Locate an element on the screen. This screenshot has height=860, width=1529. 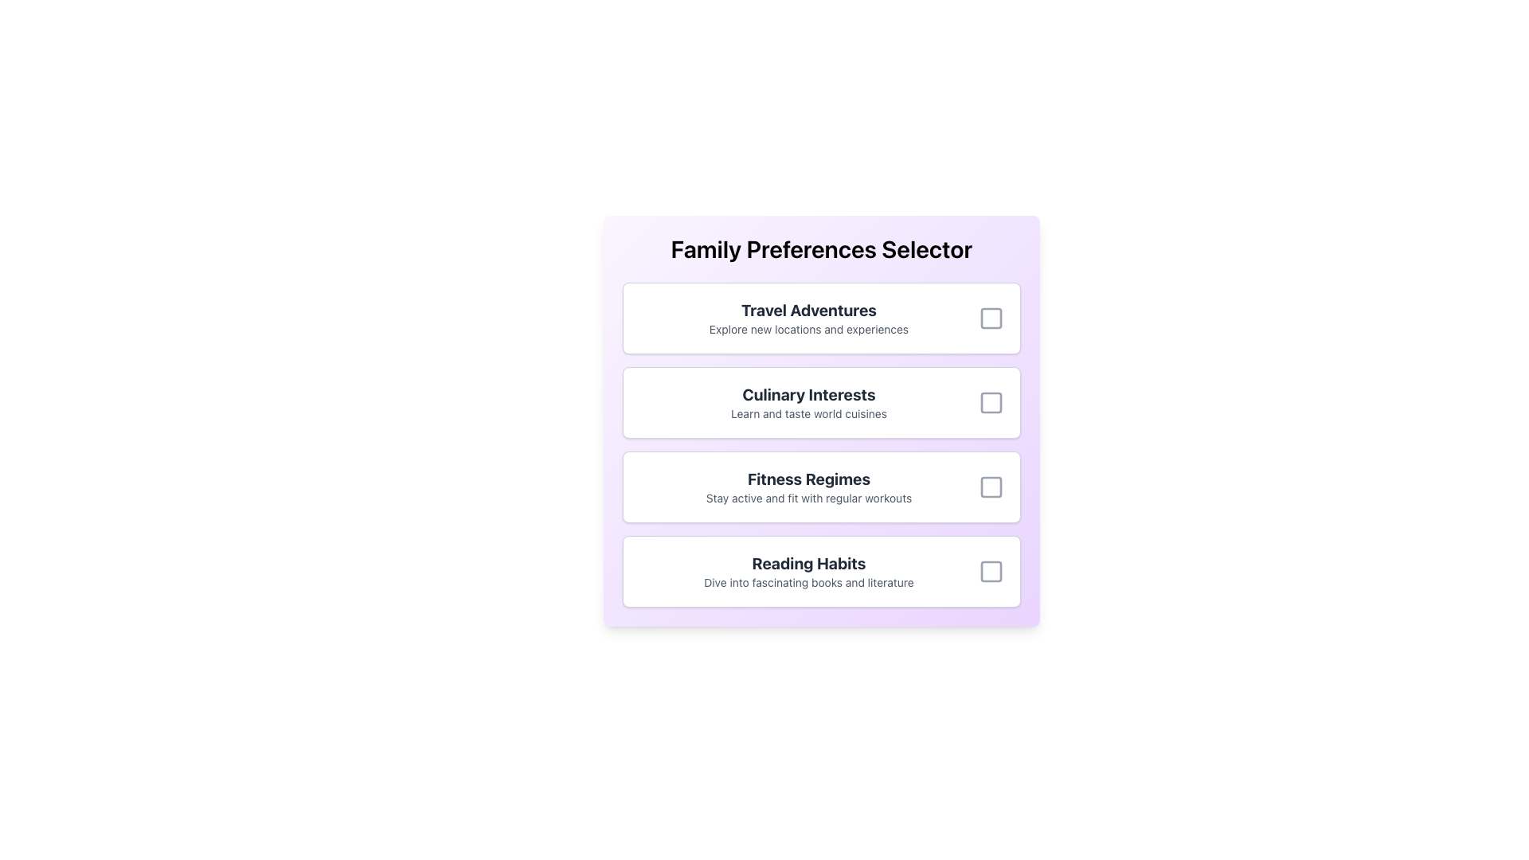
the checkbox outline for the 'Reading Habits' option in the 'Family Preferences Selector' section, which is a small square with rounded corners, styled with a gray border and white background is located at coordinates (990, 570).